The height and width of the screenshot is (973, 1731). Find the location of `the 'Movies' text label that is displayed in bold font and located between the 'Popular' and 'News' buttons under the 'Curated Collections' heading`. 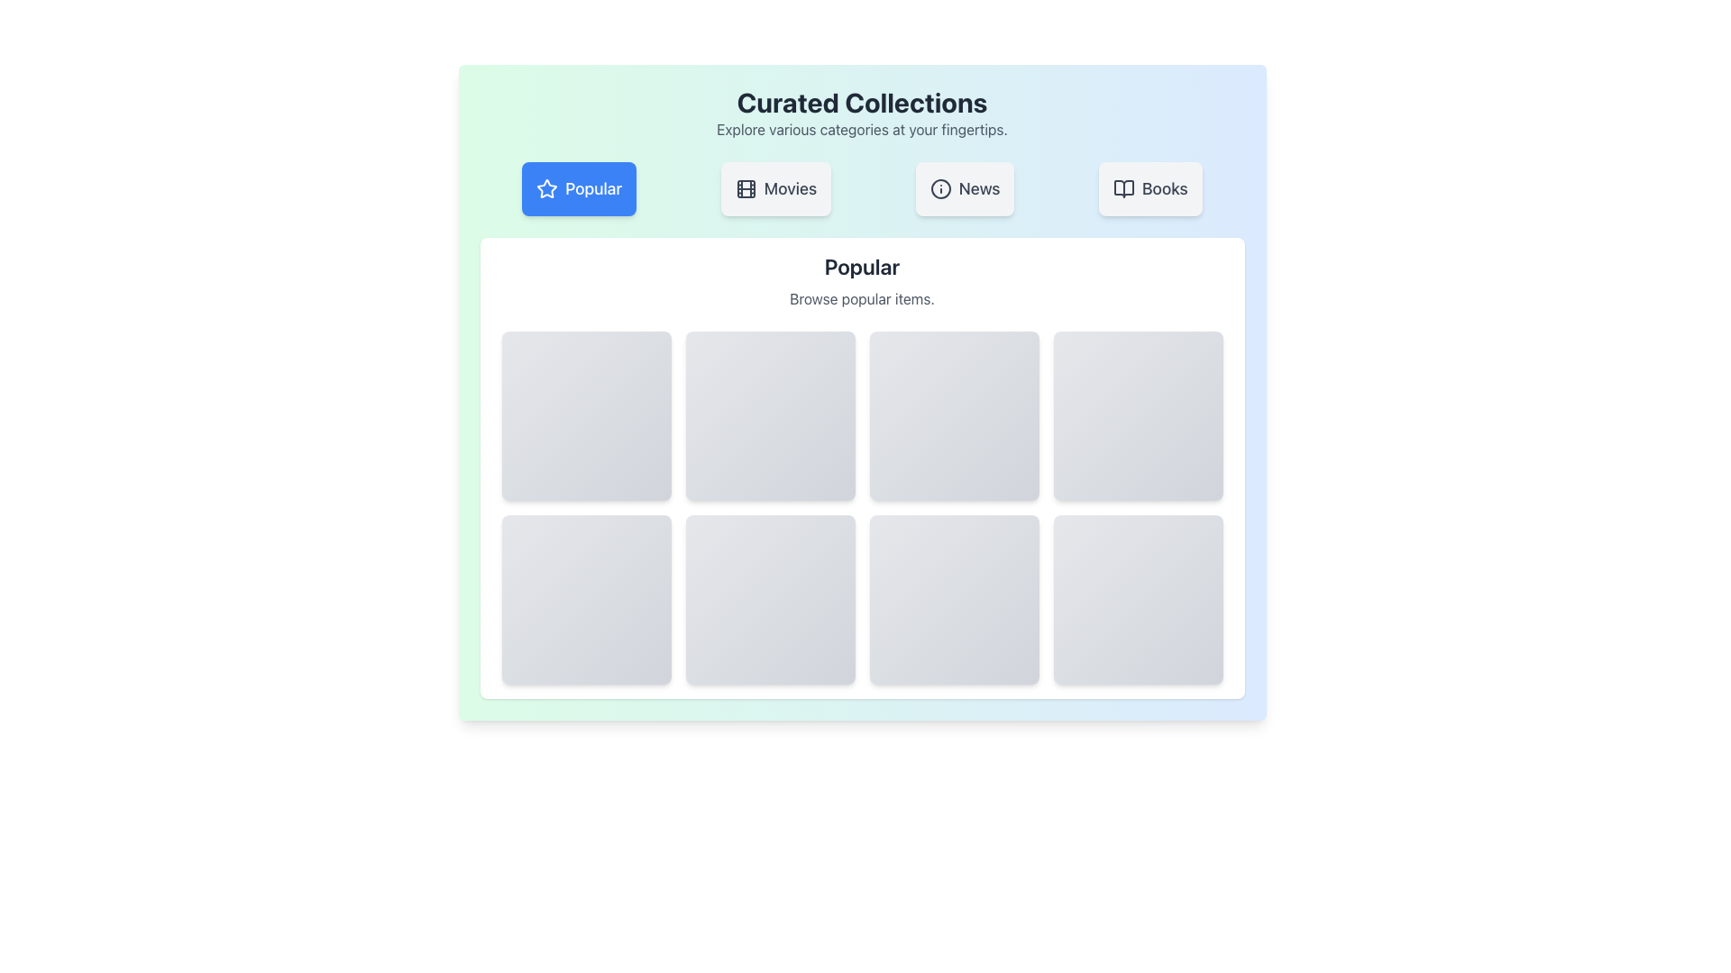

the 'Movies' text label that is displayed in bold font and located between the 'Popular' and 'News' buttons under the 'Curated Collections' heading is located at coordinates (790, 188).